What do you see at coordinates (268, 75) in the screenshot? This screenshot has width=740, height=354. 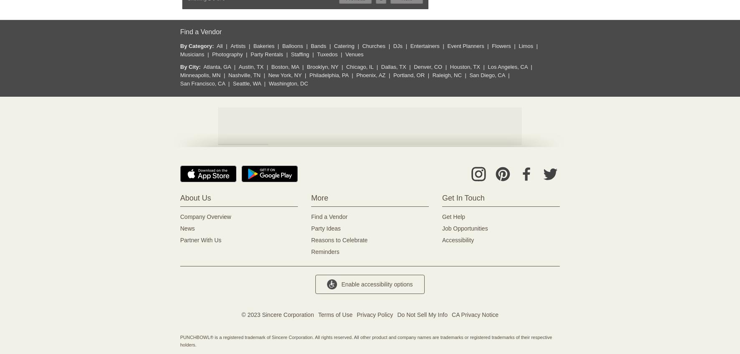 I see `'New York, NY'` at bounding box center [268, 75].